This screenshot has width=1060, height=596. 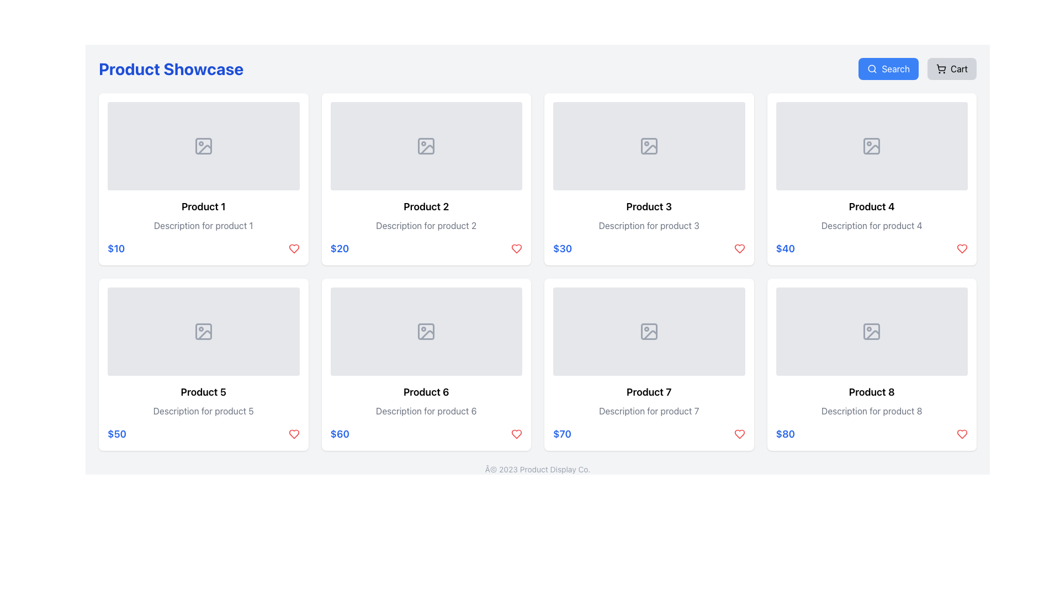 I want to click on text label that identifies 'Product 6', located in the second row and third column of the product grid, below the product image, so click(x=426, y=391).